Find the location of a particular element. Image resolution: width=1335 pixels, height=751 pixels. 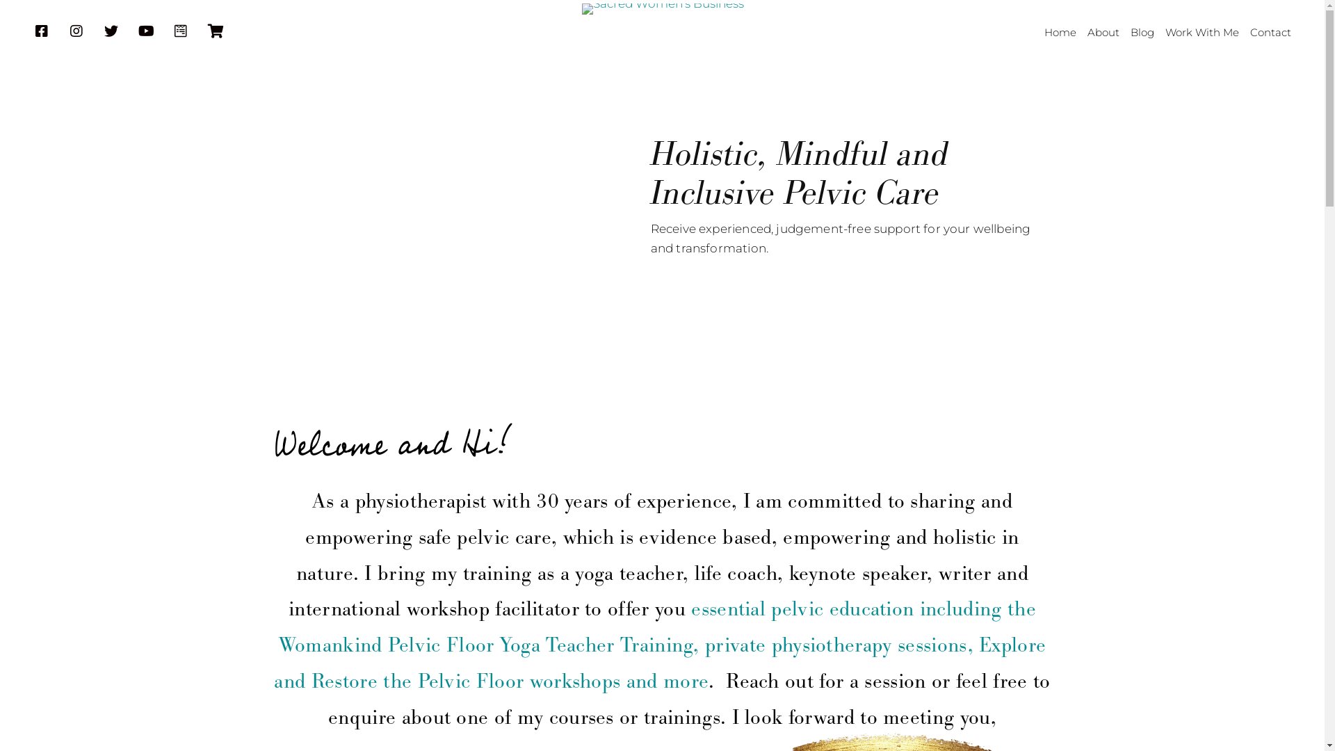

'About' is located at coordinates (1103, 32).